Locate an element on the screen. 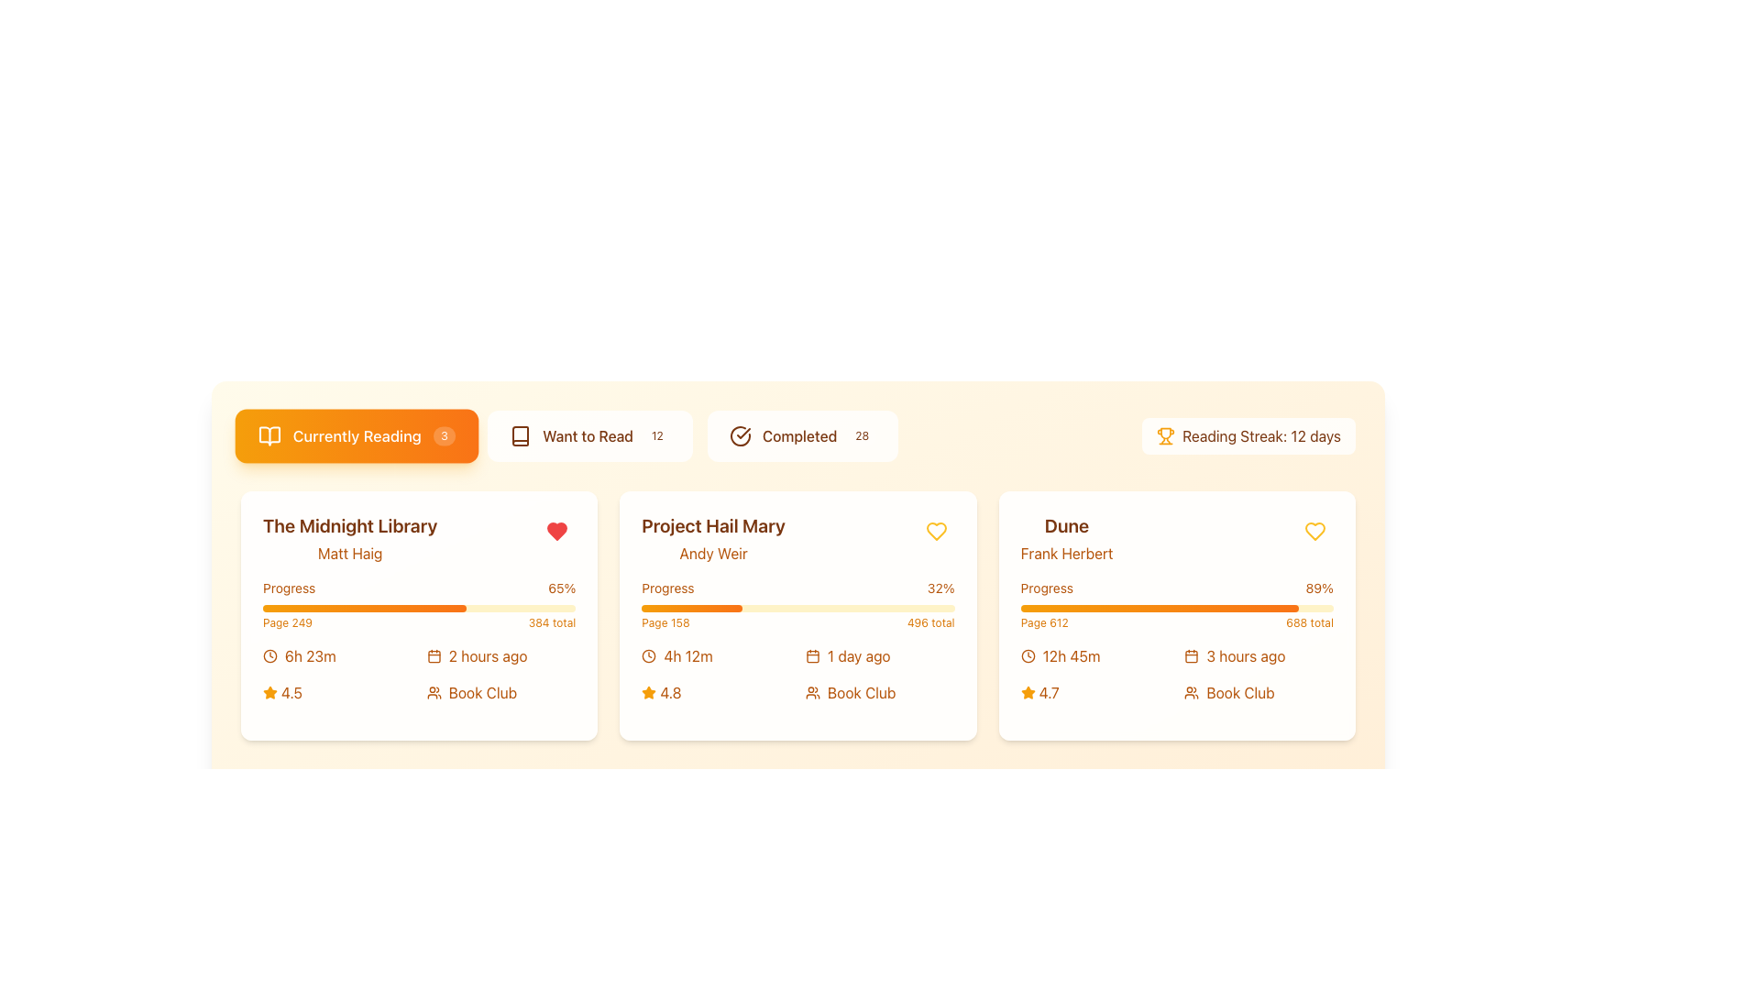  the progress bar indicating 65% completion for 'The Midnight Library', positioned between the 'Progress 65%' label and the 'Page 249 384 total' text is located at coordinates (418, 608).